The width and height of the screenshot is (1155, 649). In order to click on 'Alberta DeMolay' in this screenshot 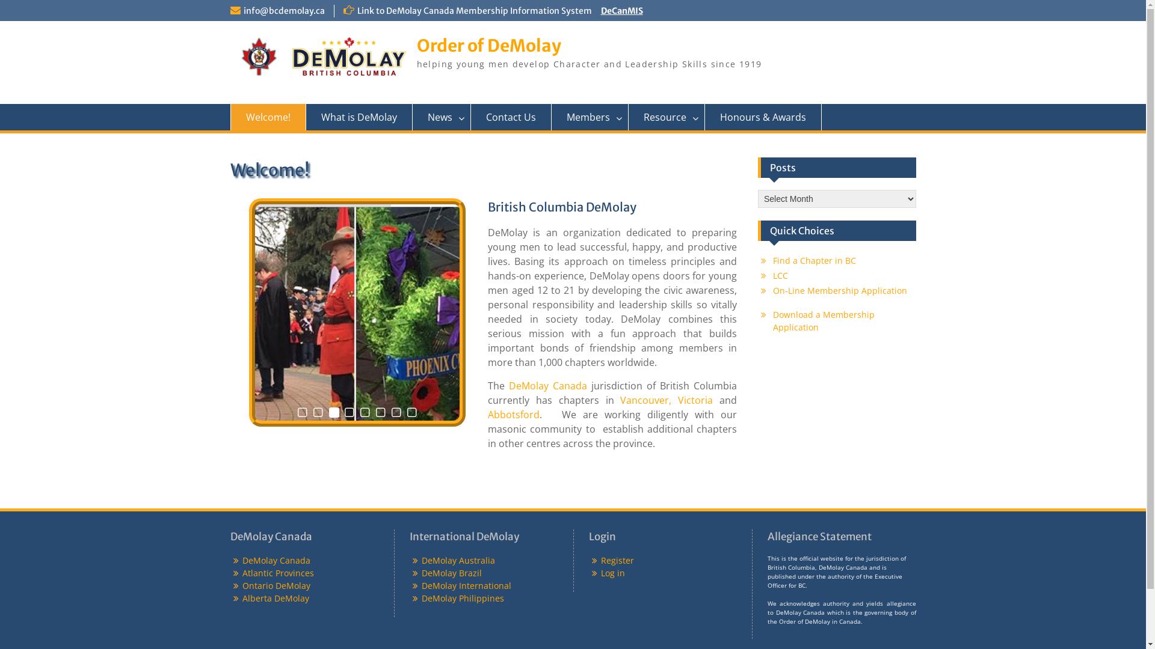, I will do `click(274, 598)`.